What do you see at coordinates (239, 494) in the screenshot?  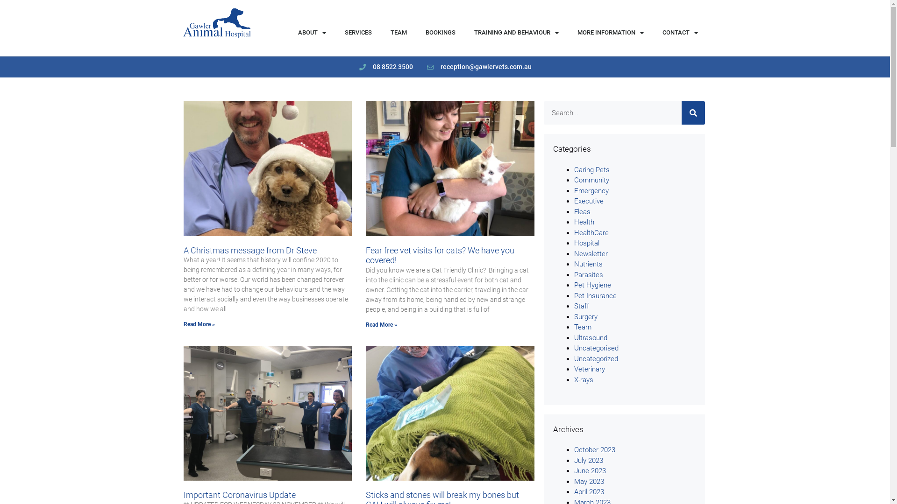 I see `'Important Coronavirus Update'` at bounding box center [239, 494].